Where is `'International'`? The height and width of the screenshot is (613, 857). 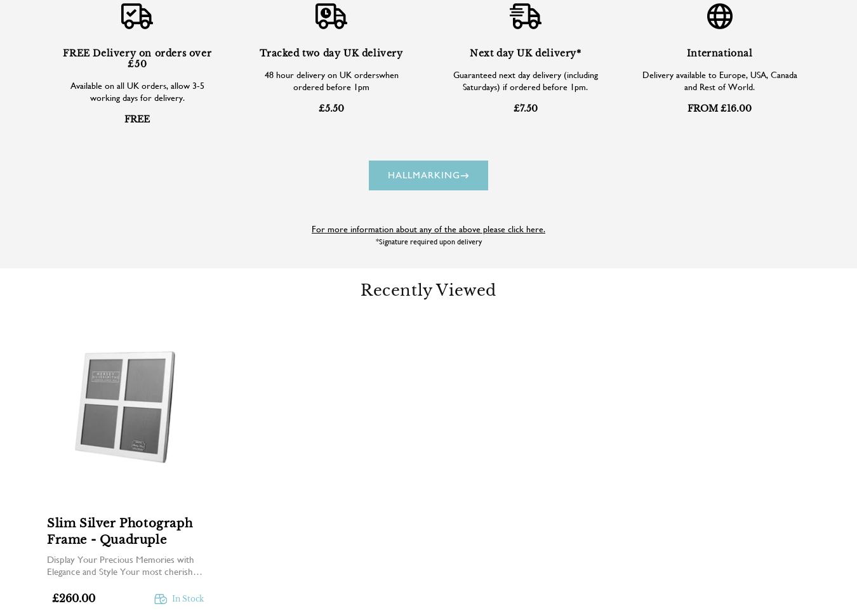 'International' is located at coordinates (686, 51).